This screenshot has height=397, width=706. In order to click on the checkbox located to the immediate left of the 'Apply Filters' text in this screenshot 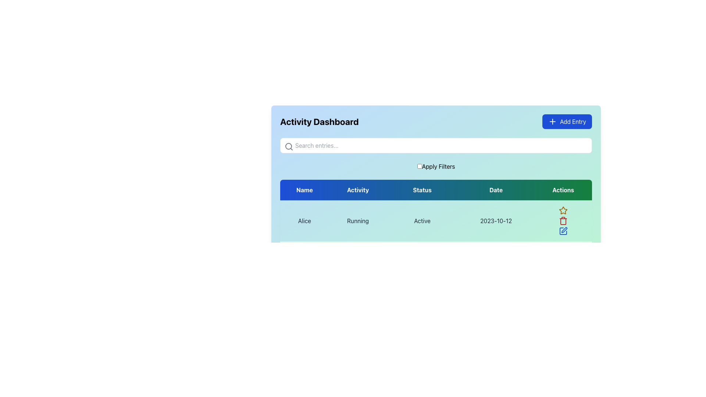, I will do `click(420, 166)`.